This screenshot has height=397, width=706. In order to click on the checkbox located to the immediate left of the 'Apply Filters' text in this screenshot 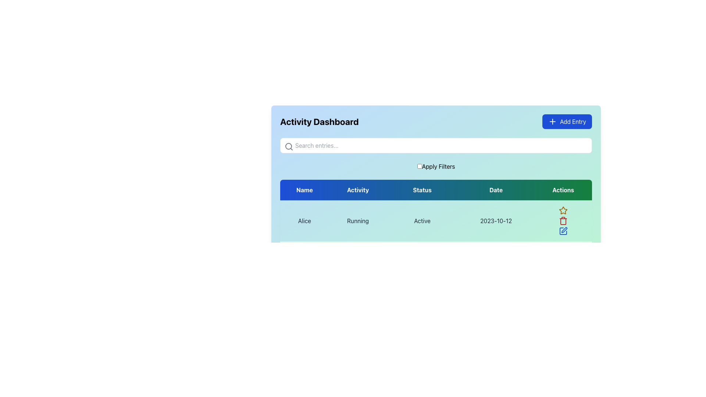, I will do `click(420, 166)`.